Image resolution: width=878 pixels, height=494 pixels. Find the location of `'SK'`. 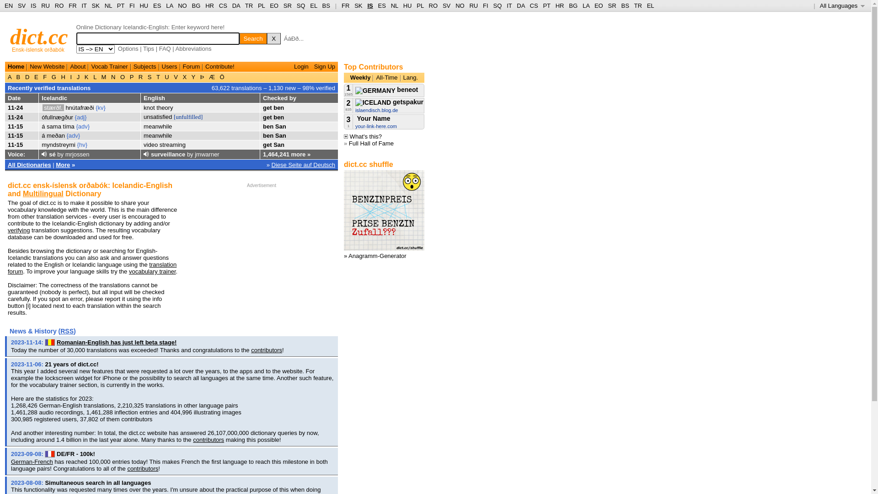

'SK' is located at coordinates (358, 5).